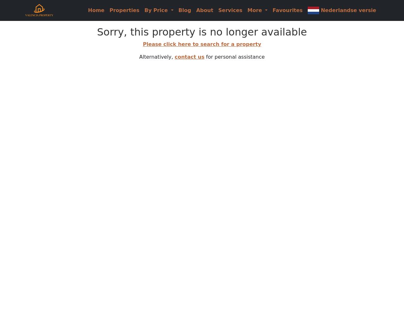  Describe the element at coordinates (156, 57) in the screenshot. I see `'Alternatively,'` at that location.